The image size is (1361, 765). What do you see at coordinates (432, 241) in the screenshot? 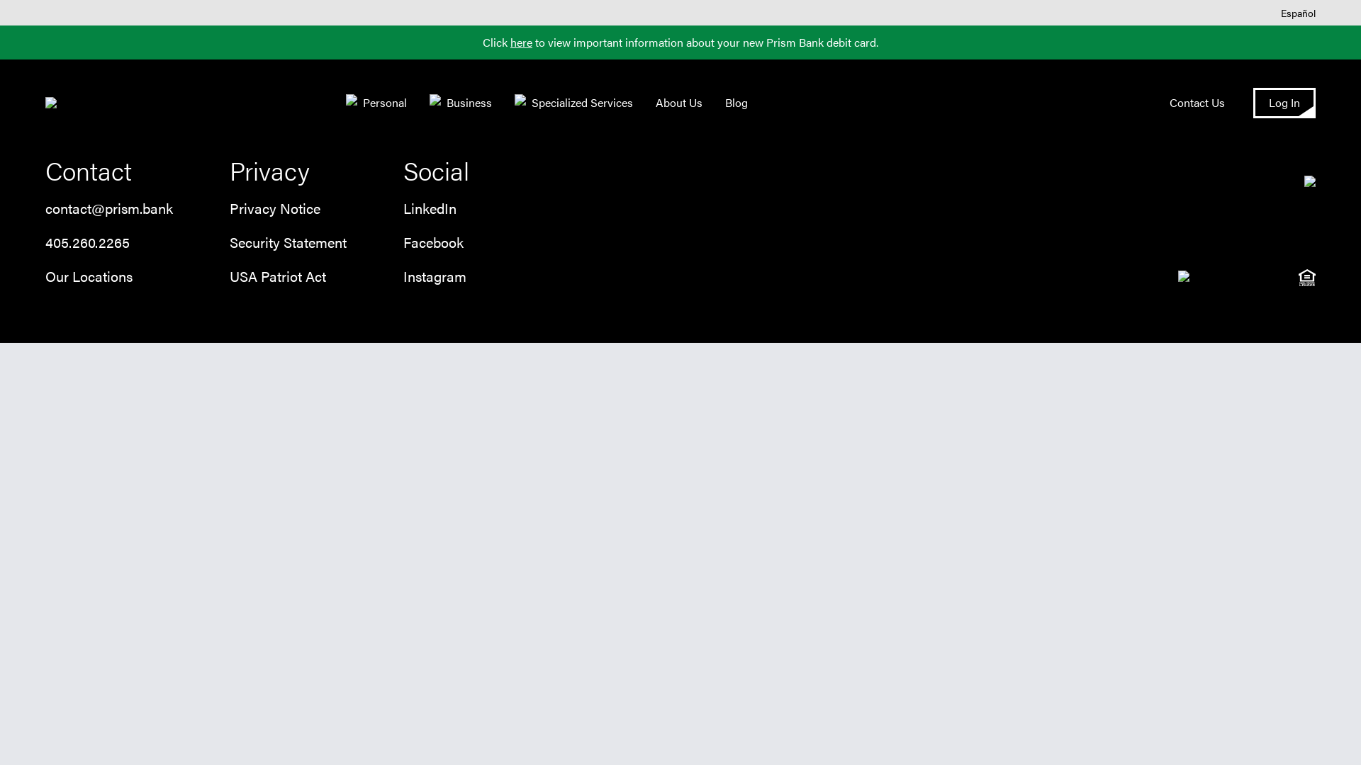
I see `'Facebook'` at bounding box center [432, 241].